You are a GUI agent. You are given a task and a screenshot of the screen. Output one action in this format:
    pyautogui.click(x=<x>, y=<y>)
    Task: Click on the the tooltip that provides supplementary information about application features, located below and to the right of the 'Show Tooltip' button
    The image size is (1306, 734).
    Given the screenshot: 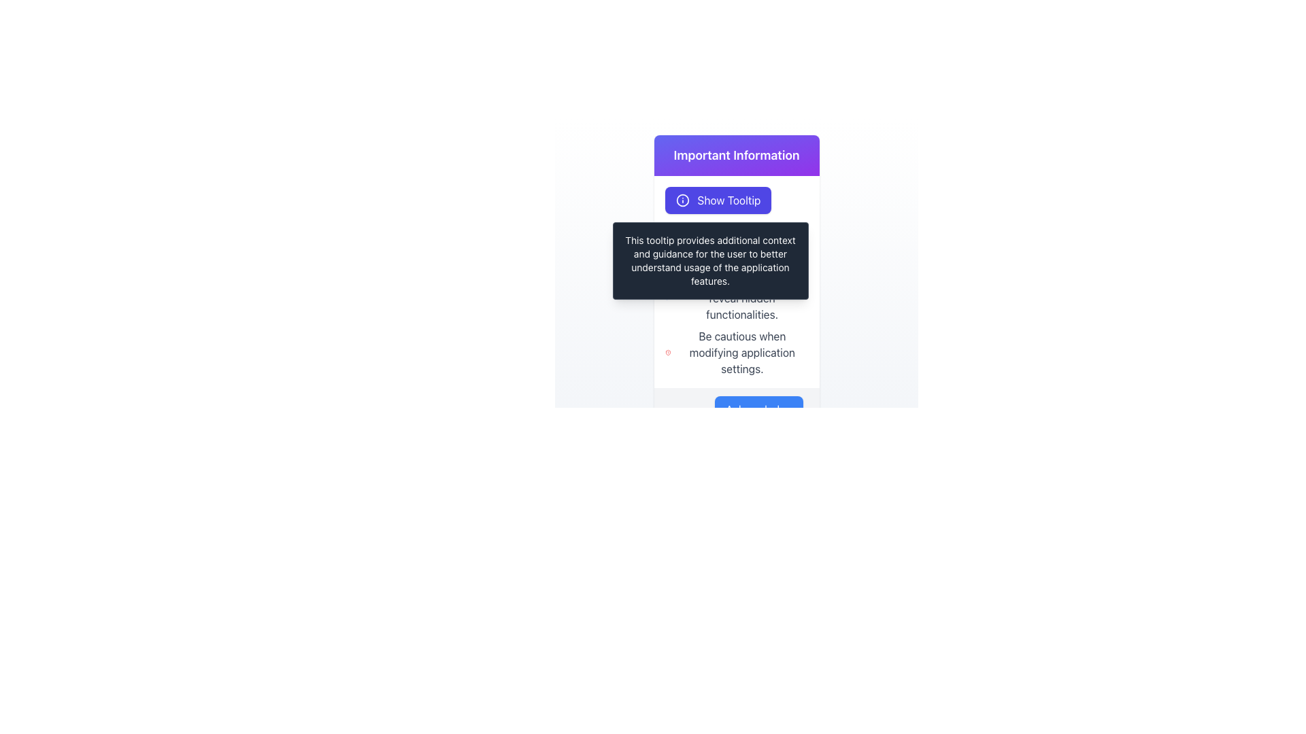 What is the action you would take?
    pyautogui.click(x=709, y=261)
    